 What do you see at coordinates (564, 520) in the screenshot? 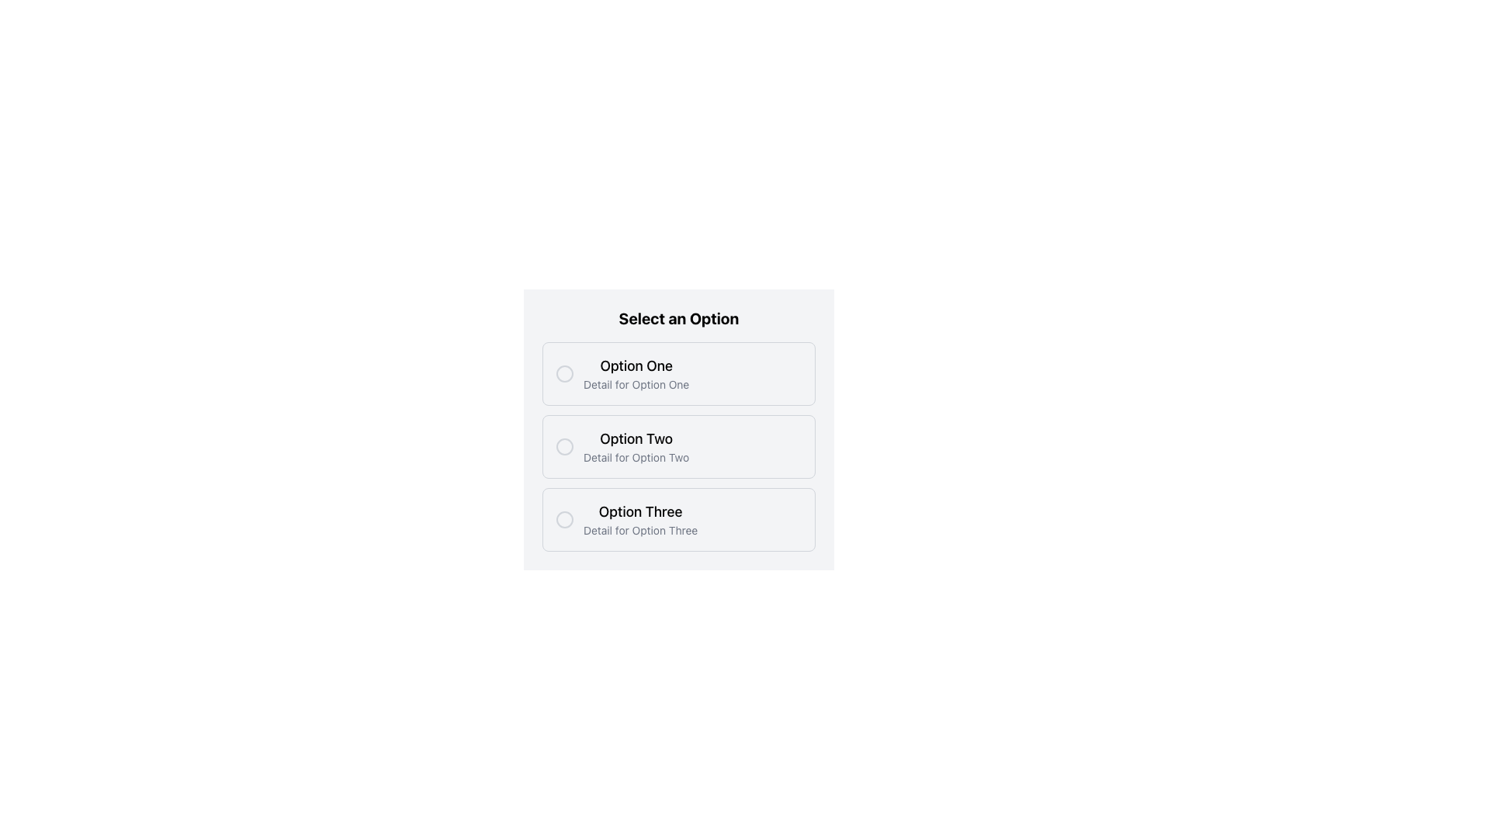
I see `the center of the unselected radio button indicator located to the left of the 'Option Three' text in the third option of the selection group` at bounding box center [564, 520].